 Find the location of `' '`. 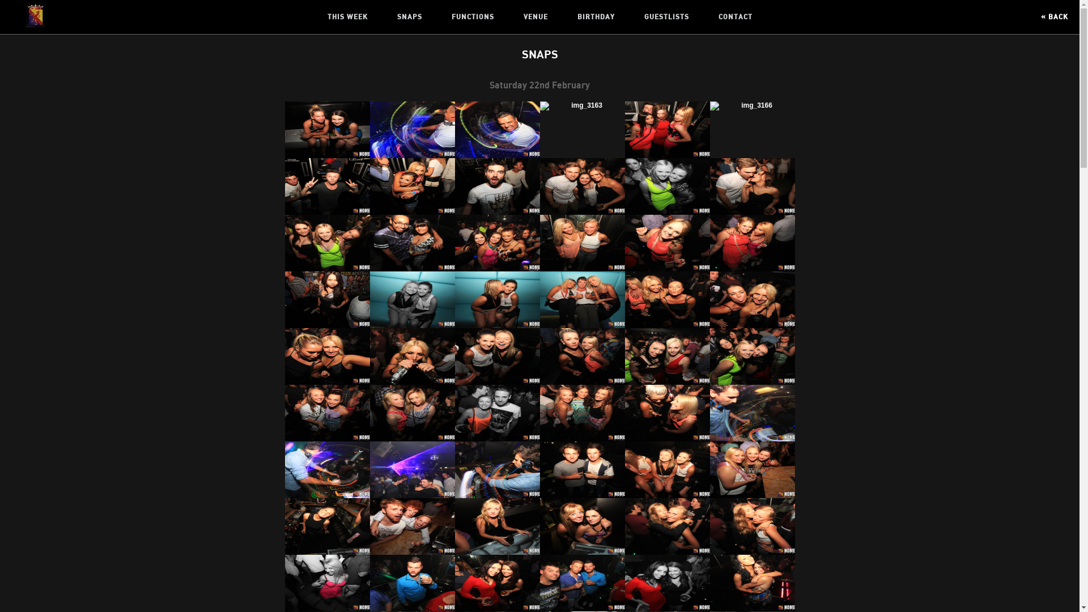

' ' is located at coordinates (326, 129).